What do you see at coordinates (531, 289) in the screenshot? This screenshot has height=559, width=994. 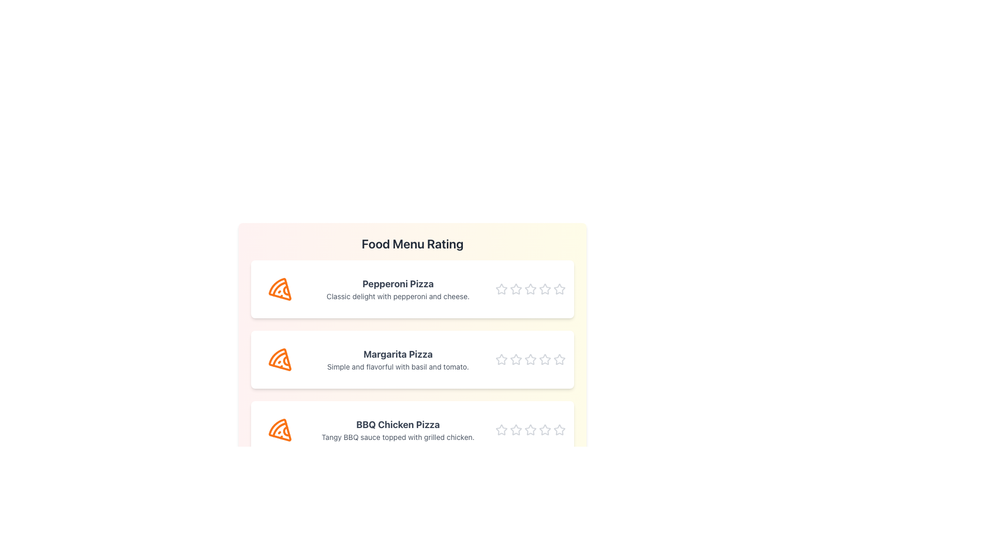 I see `the second star rating icon located to the right of 'Pepperoni Pizza'` at bounding box center [531, 289].